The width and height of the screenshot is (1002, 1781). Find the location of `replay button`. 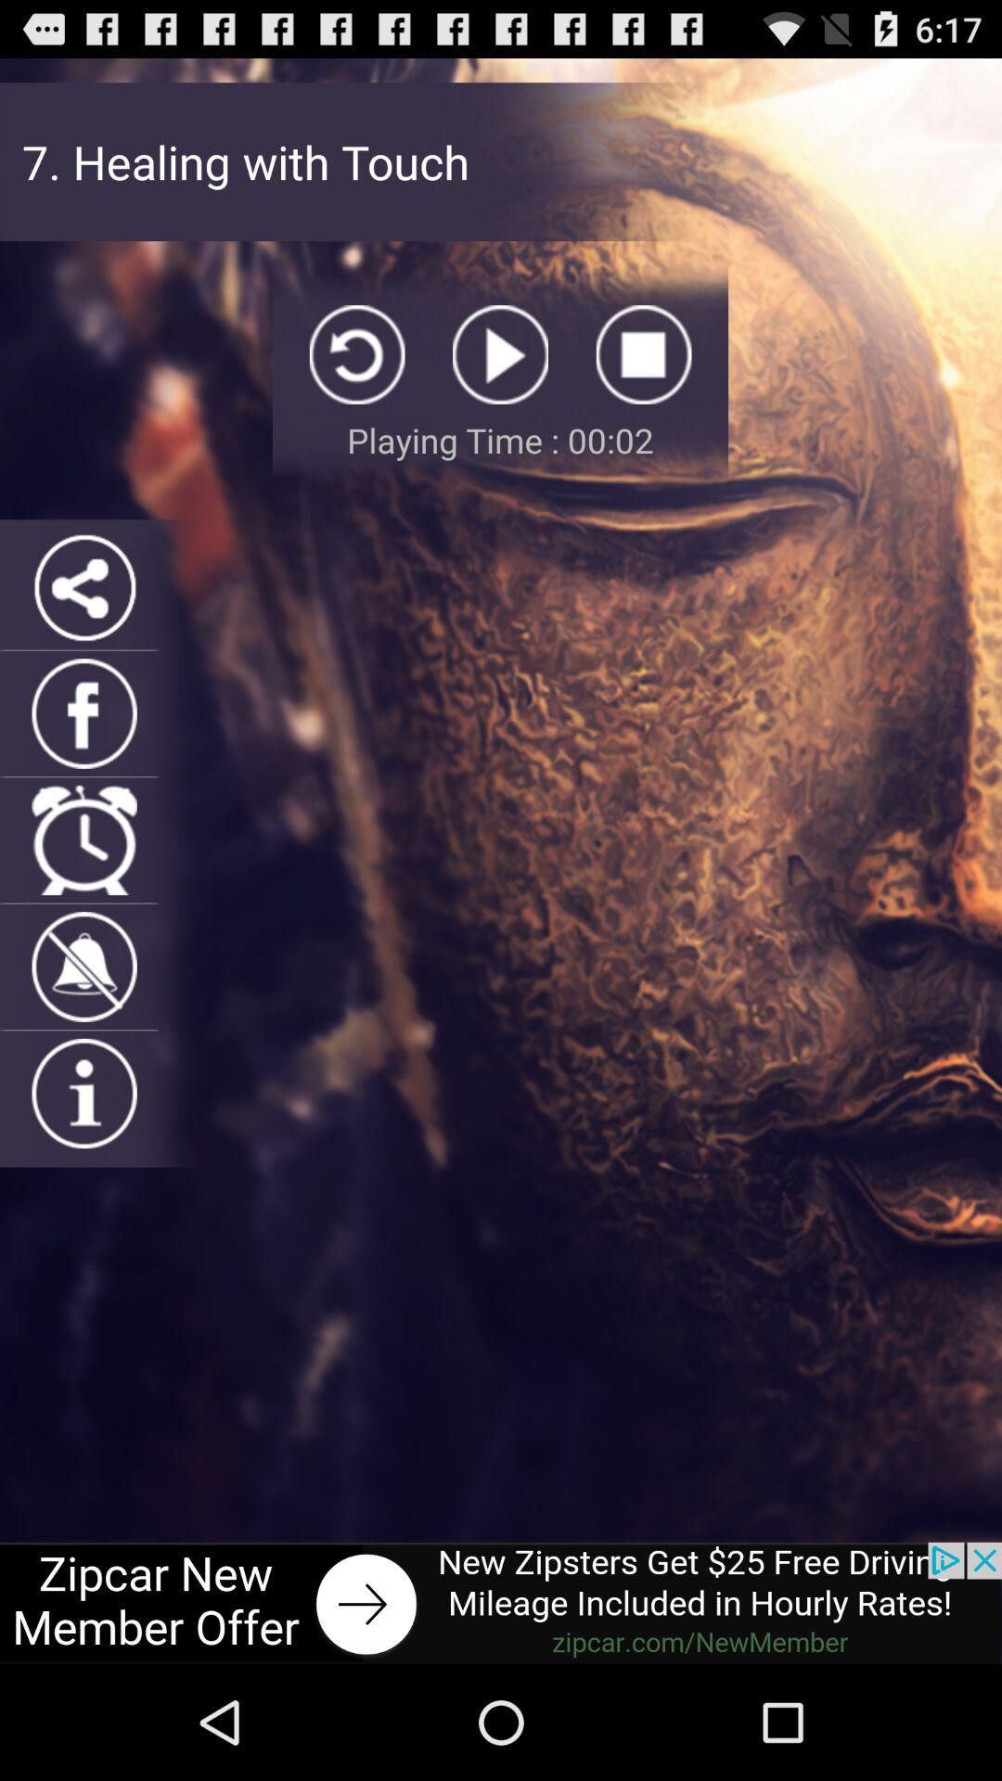

replay button is located at coordinates (357, 354).